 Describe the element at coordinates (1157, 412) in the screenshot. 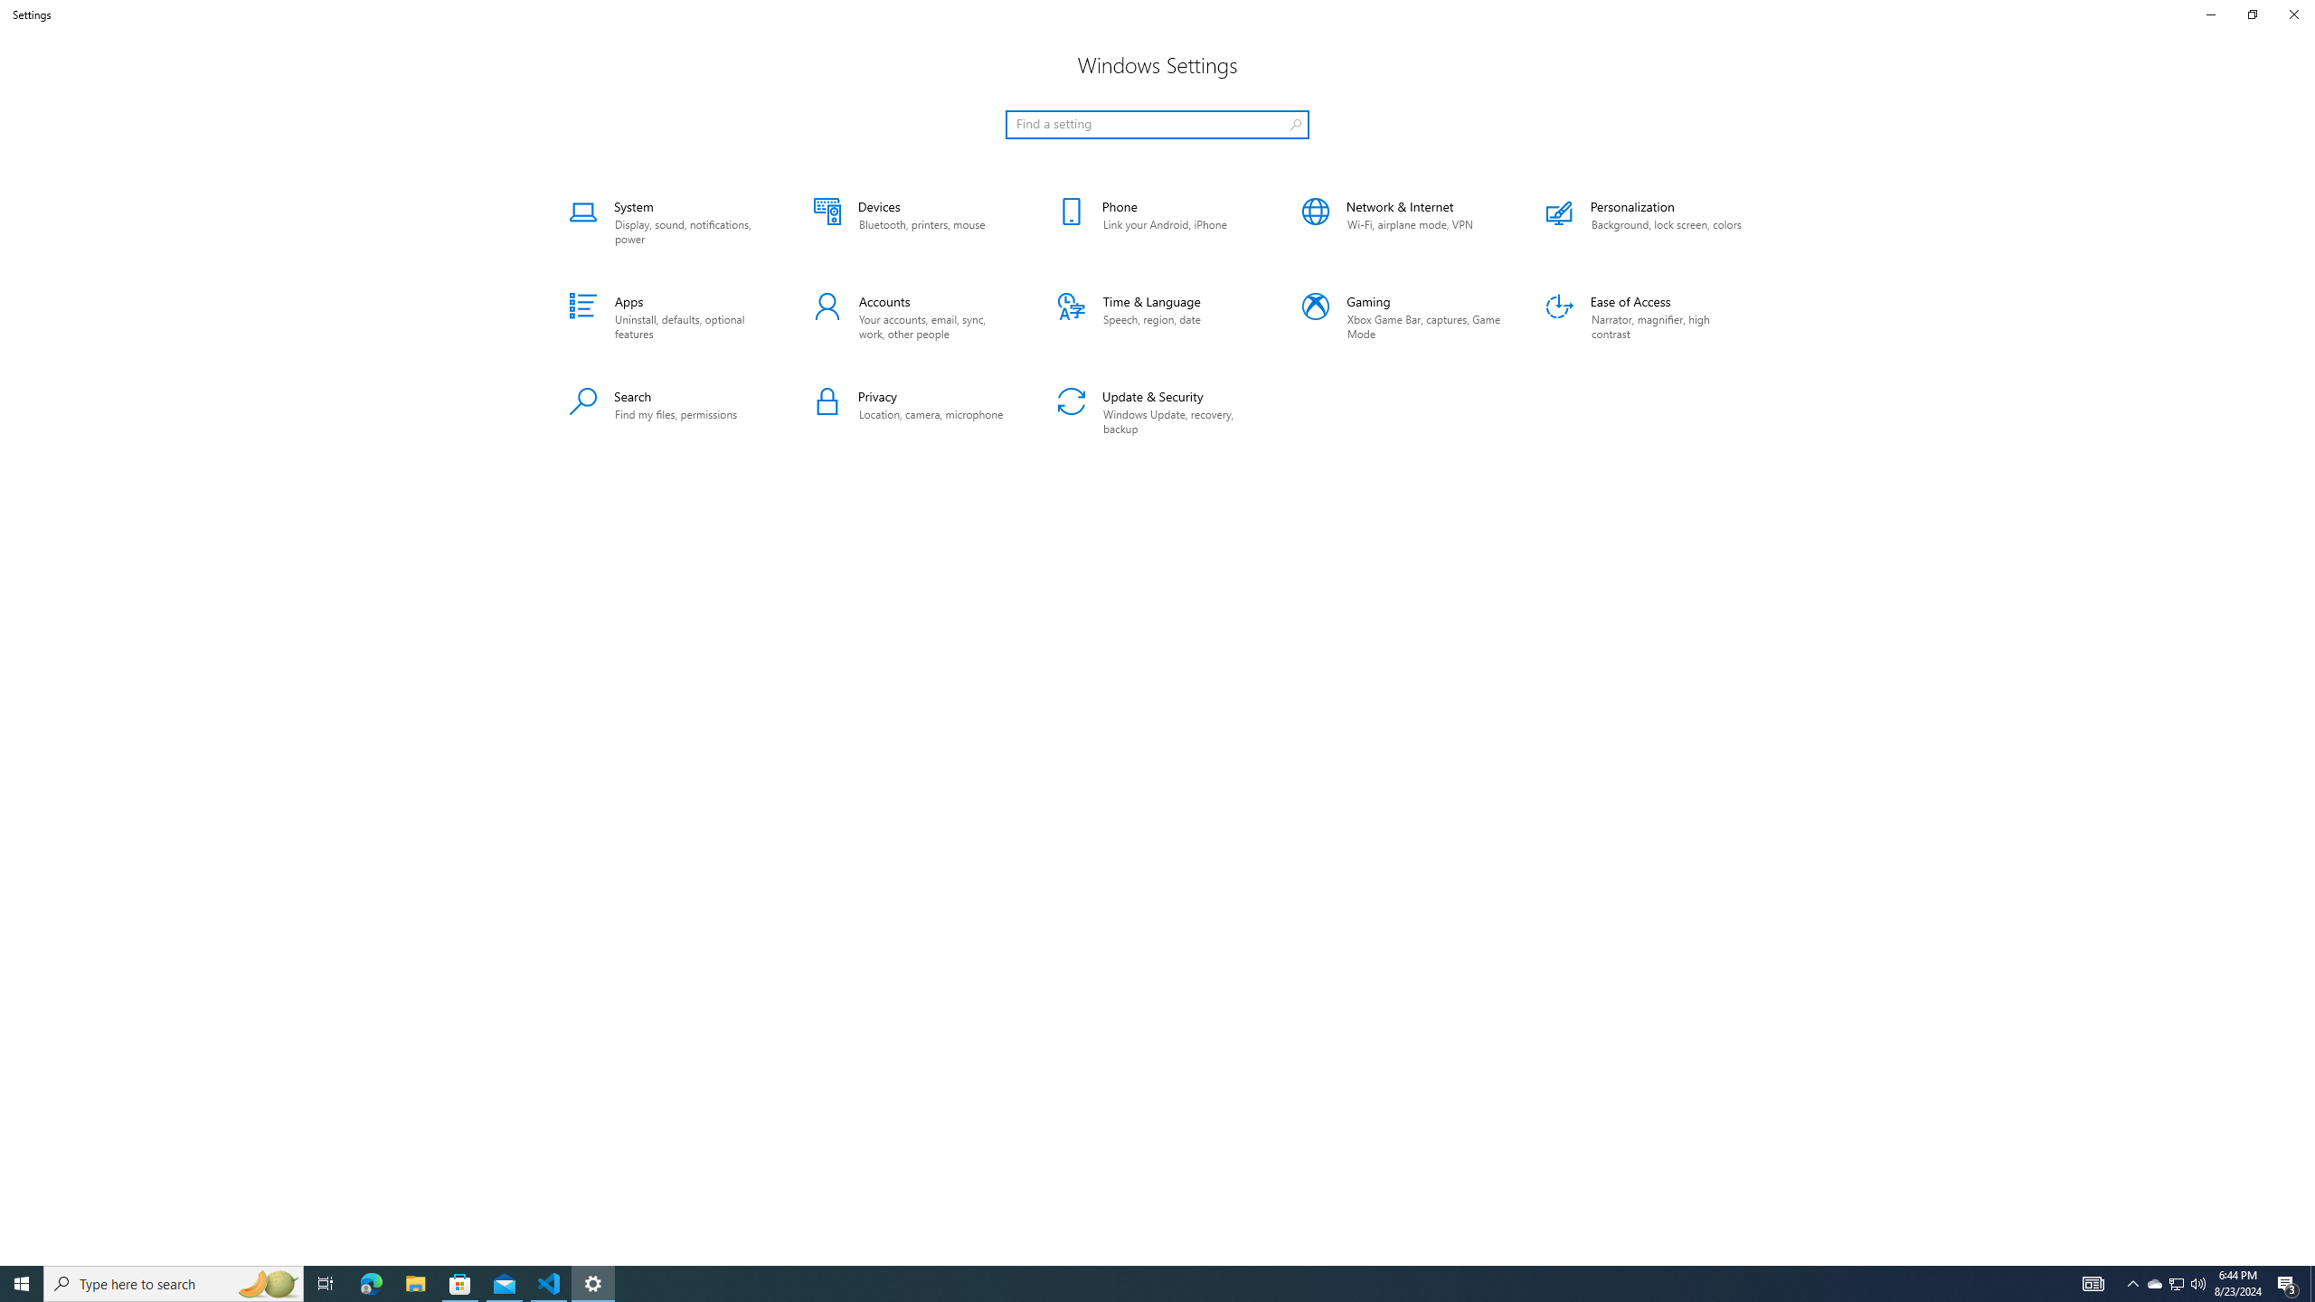

I see `'Update & Security'` at that location.